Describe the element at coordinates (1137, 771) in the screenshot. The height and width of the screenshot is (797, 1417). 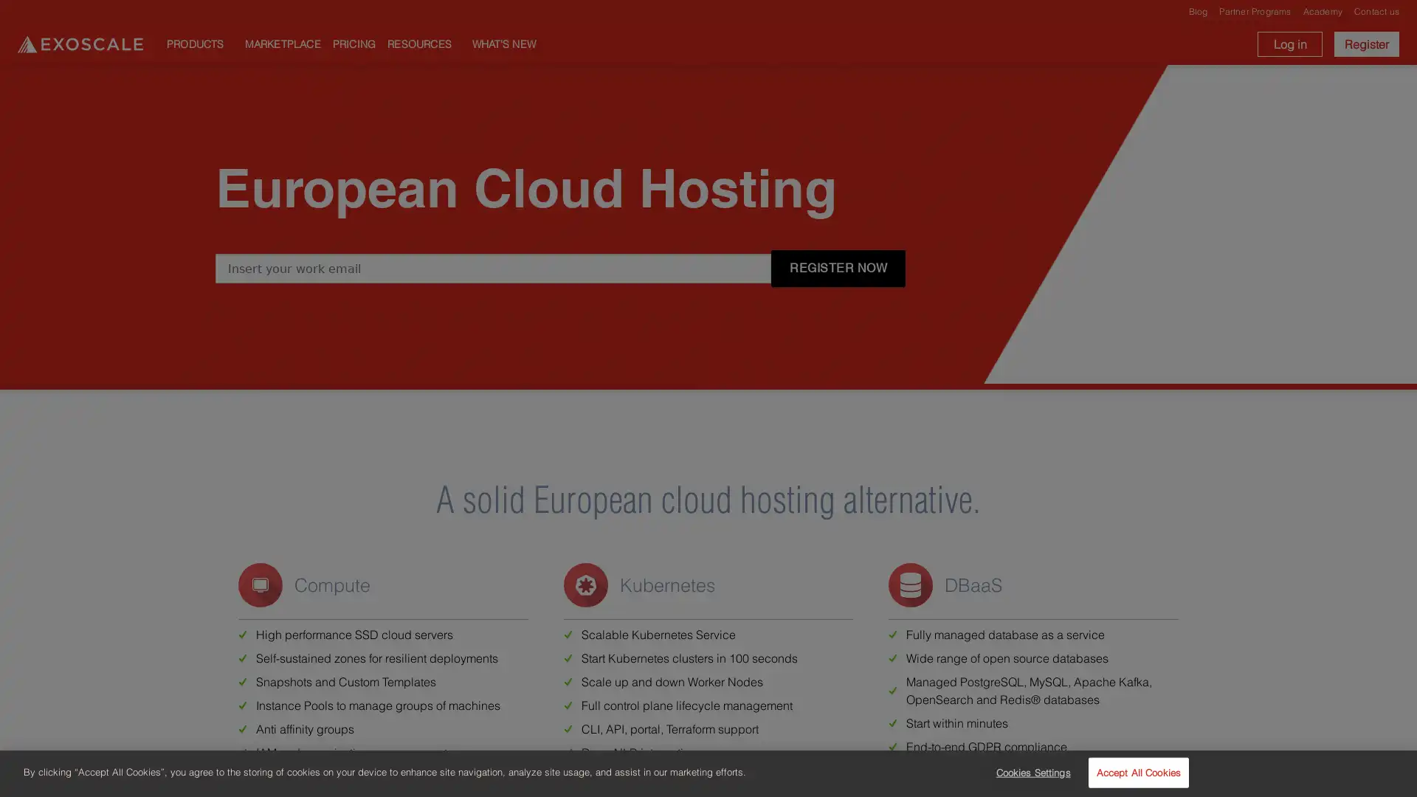
I see `Accept All Cookies` at that location.